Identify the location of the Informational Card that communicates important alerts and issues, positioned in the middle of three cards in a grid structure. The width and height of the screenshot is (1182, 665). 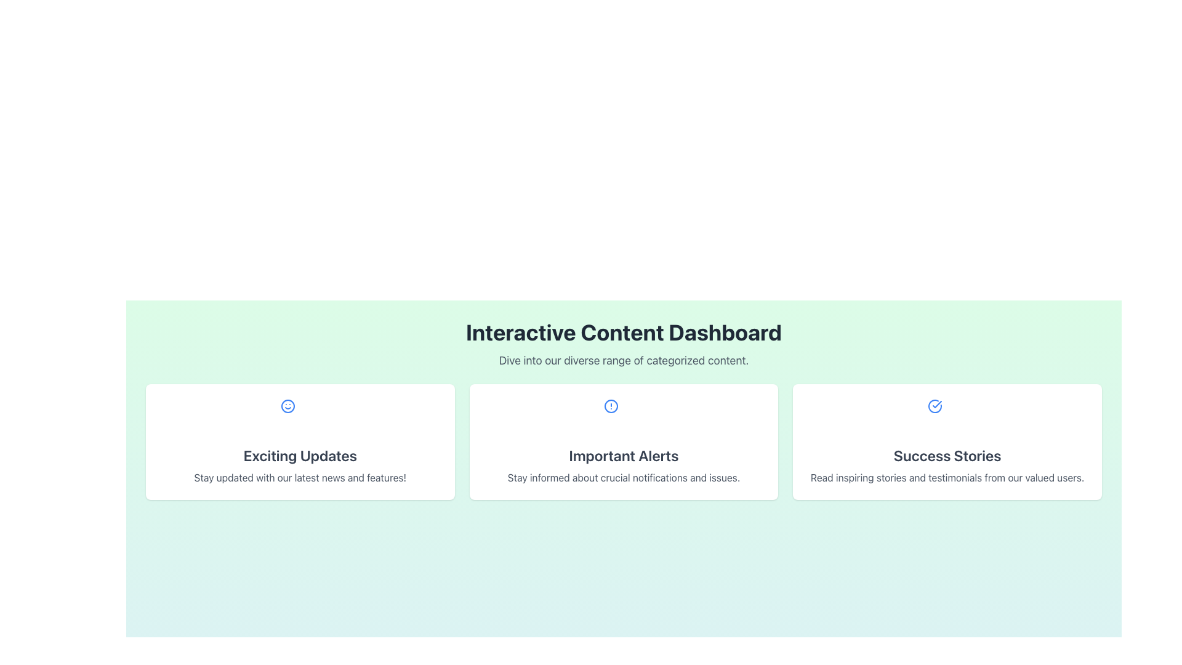
(624, 441).